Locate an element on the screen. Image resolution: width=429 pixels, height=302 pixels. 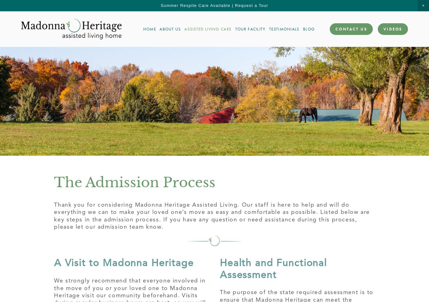
'Health and Functional Assessment' is located at coordinates (274, 268).